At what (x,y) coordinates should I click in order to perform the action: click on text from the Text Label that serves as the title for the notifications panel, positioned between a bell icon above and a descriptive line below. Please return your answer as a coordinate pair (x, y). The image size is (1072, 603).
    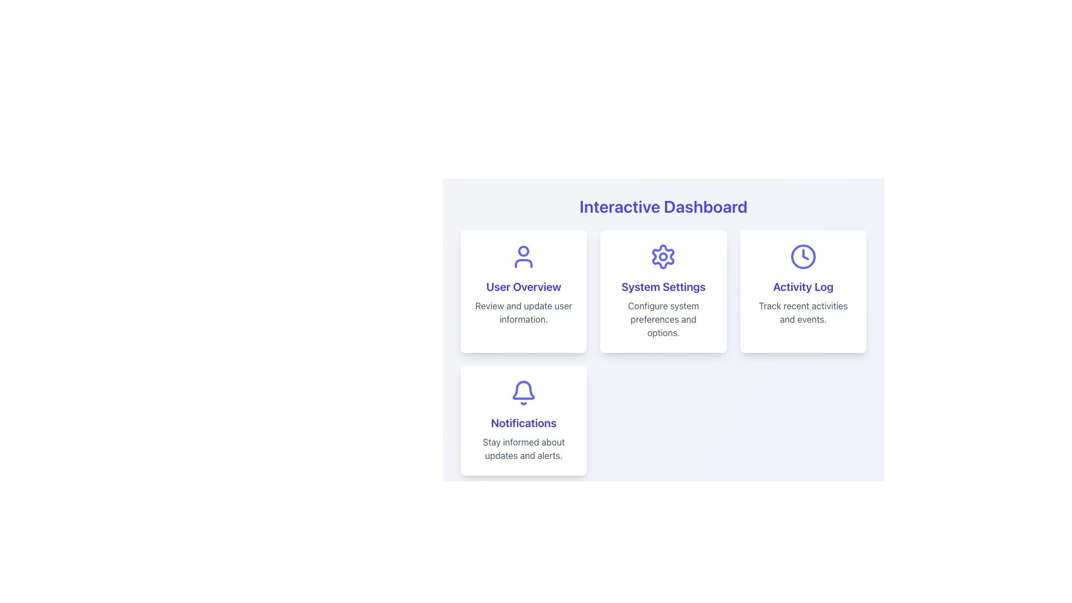
    Looking at the image, I should click on (523, 423).